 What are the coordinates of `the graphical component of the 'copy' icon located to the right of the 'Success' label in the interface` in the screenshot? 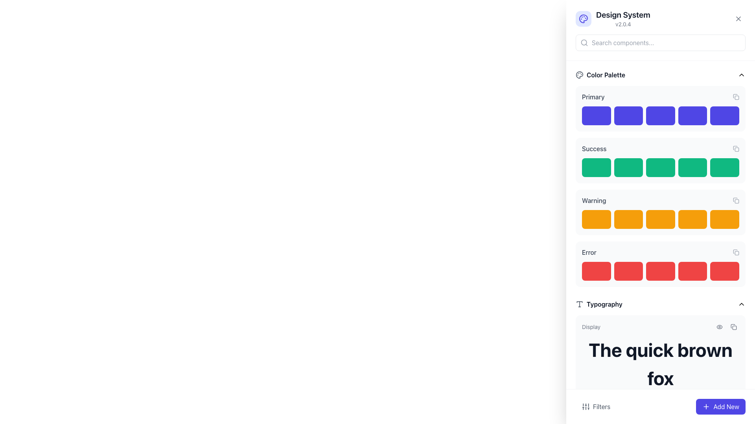 It's located at (736, 150).